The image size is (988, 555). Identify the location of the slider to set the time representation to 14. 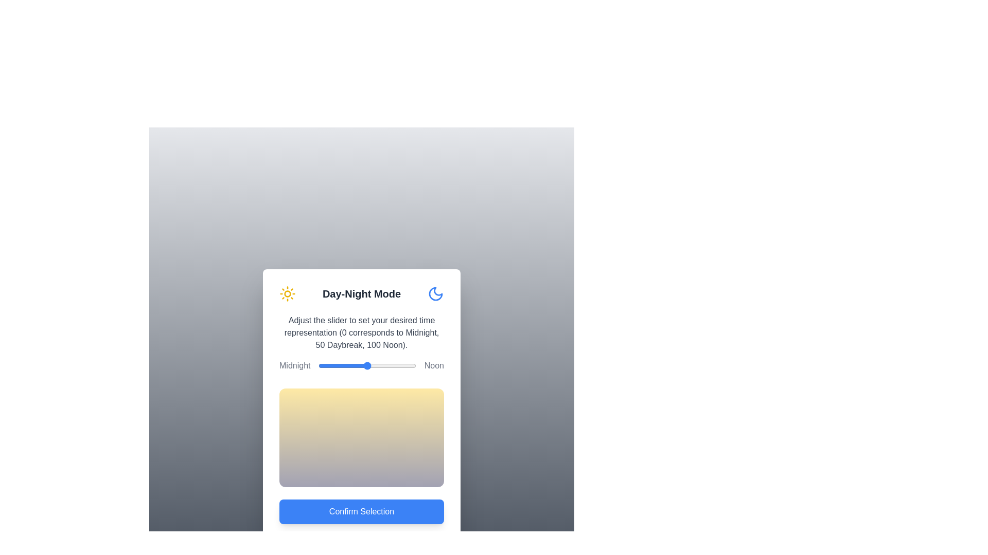
(332, 365).